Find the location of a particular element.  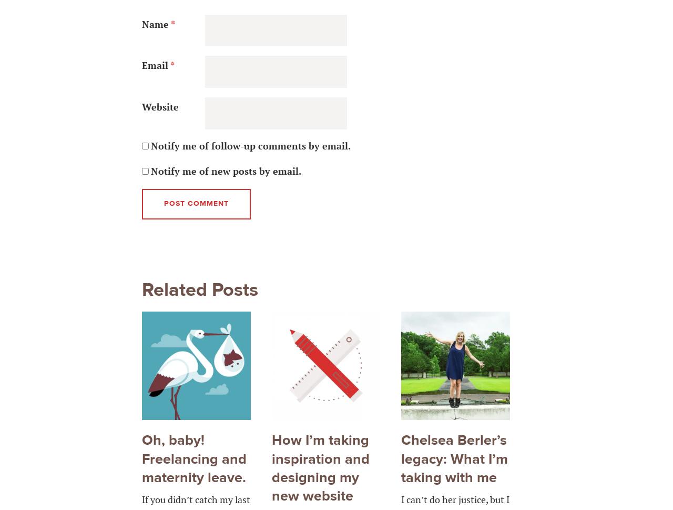

'Notify me of new posts by email.' is located at coordinates (225, 171).